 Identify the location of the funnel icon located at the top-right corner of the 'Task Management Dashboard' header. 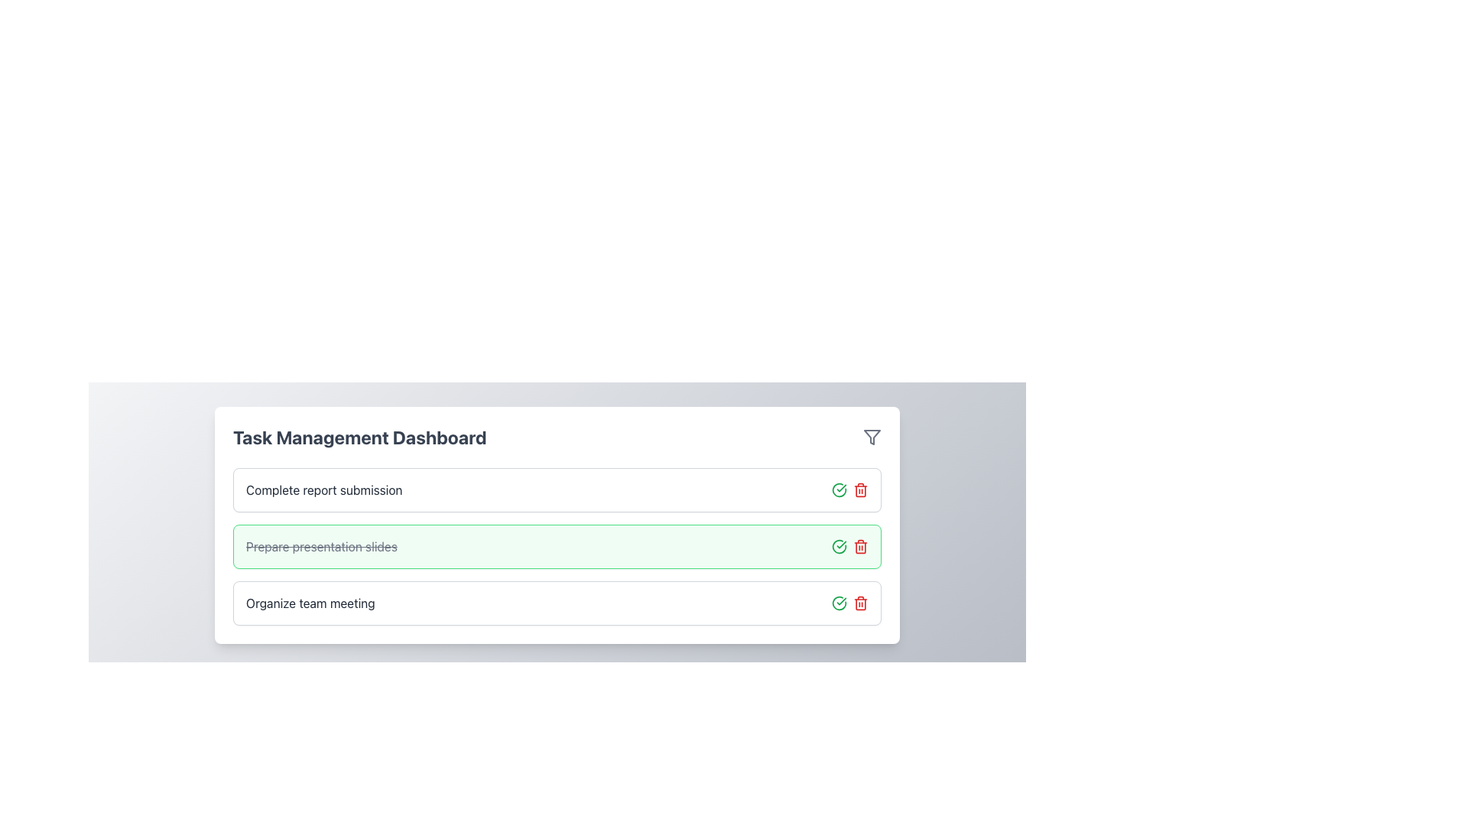
(872, 437).